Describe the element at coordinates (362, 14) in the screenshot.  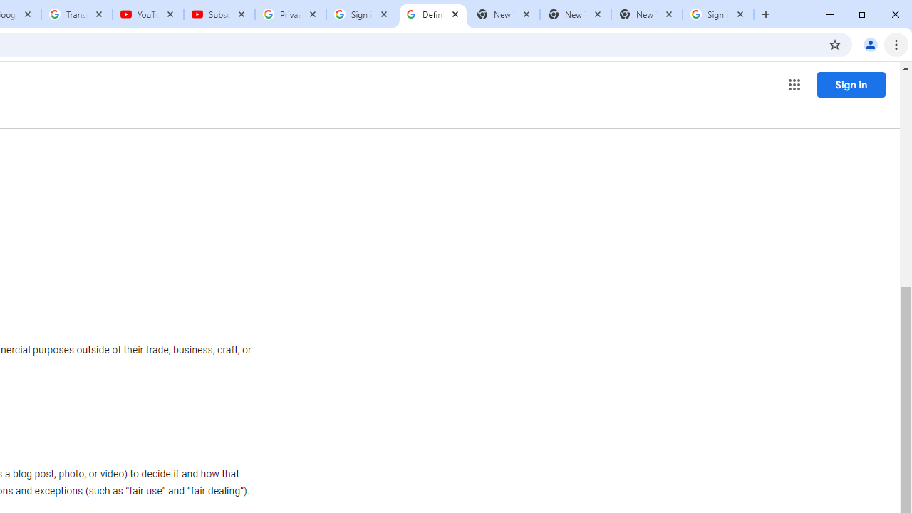
I see `'Sign in - Google Accounts'` at that location.